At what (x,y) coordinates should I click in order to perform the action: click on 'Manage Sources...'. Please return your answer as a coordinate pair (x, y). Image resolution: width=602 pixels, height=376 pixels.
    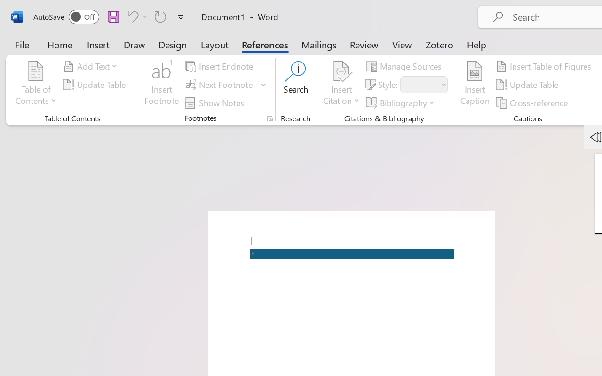
    Looking at the image, I should click on (405, 66).